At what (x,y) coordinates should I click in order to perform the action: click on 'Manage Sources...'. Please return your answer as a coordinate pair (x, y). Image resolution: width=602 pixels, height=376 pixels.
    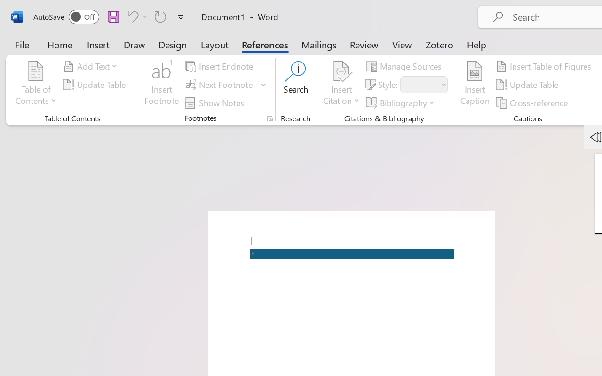
    Looking at the image, I should click on (405, 66).